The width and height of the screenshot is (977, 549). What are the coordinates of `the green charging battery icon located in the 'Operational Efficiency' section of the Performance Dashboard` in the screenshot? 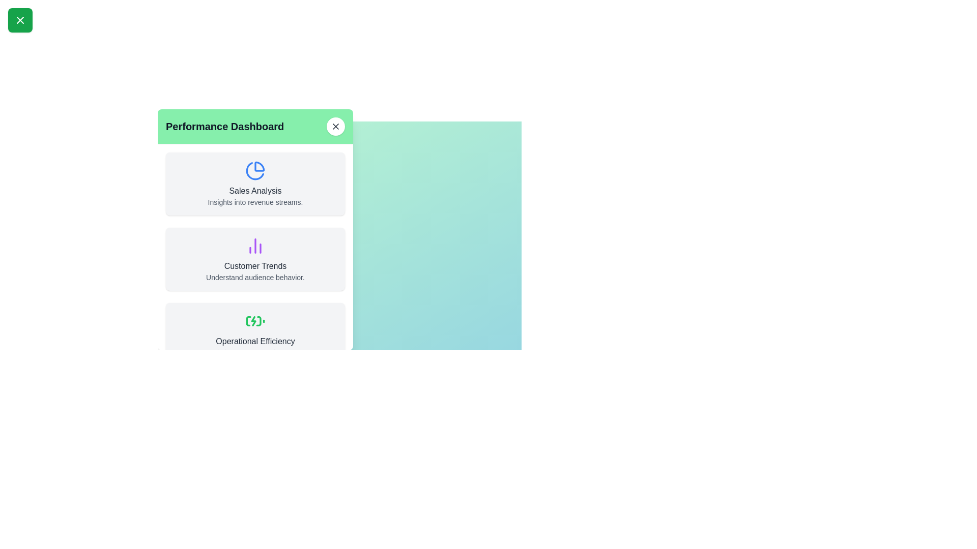 It's located at (255, 321).